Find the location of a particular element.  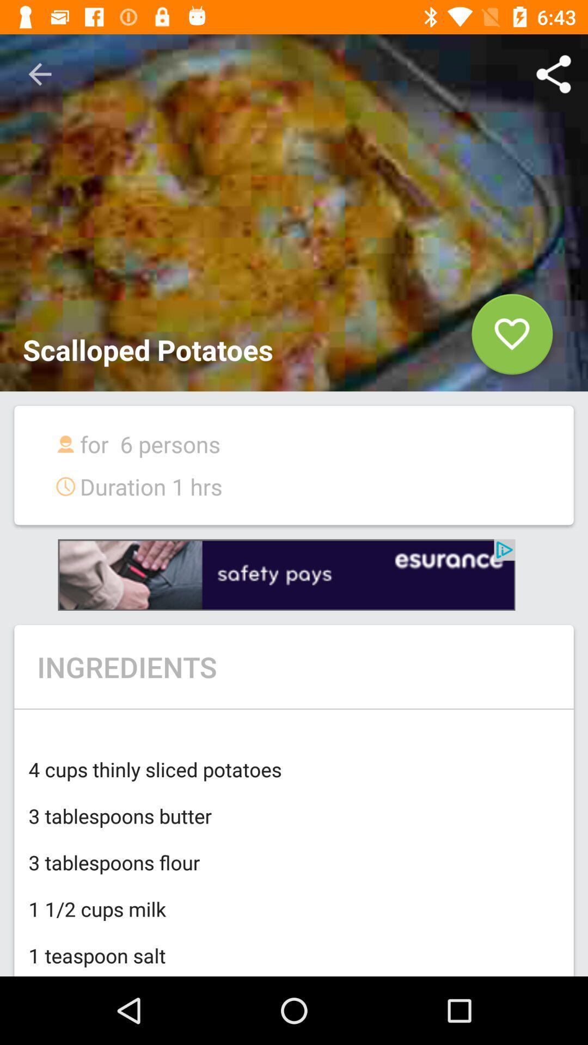

the favorite icon is located at coordinates (512, 338).